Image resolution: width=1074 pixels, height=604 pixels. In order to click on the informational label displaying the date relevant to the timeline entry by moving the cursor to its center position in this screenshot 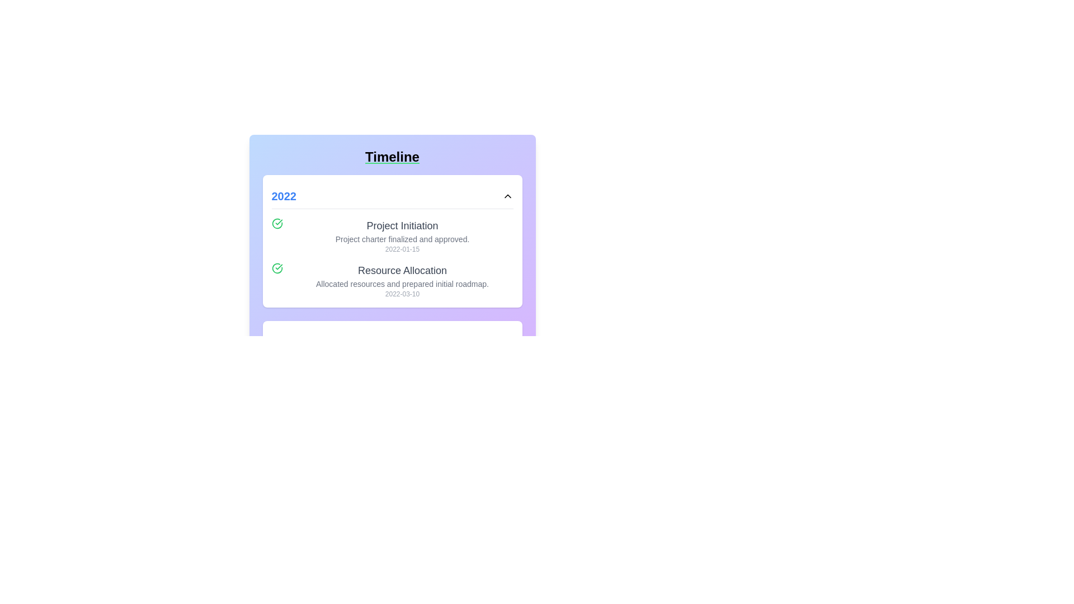, I will do `click(402, 249)`.